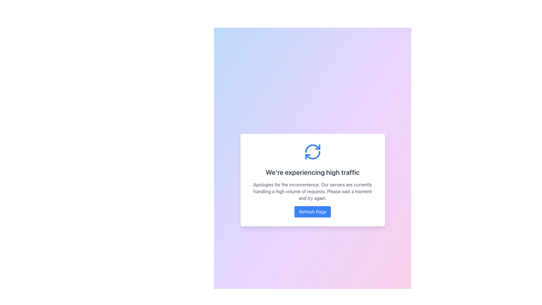  Describe the element at coordinates (312, 151) in the screenshot. I see `the graphical refresh icon represented by two circular arrows in blue, located just below the top margin of the dialog box` at that location.